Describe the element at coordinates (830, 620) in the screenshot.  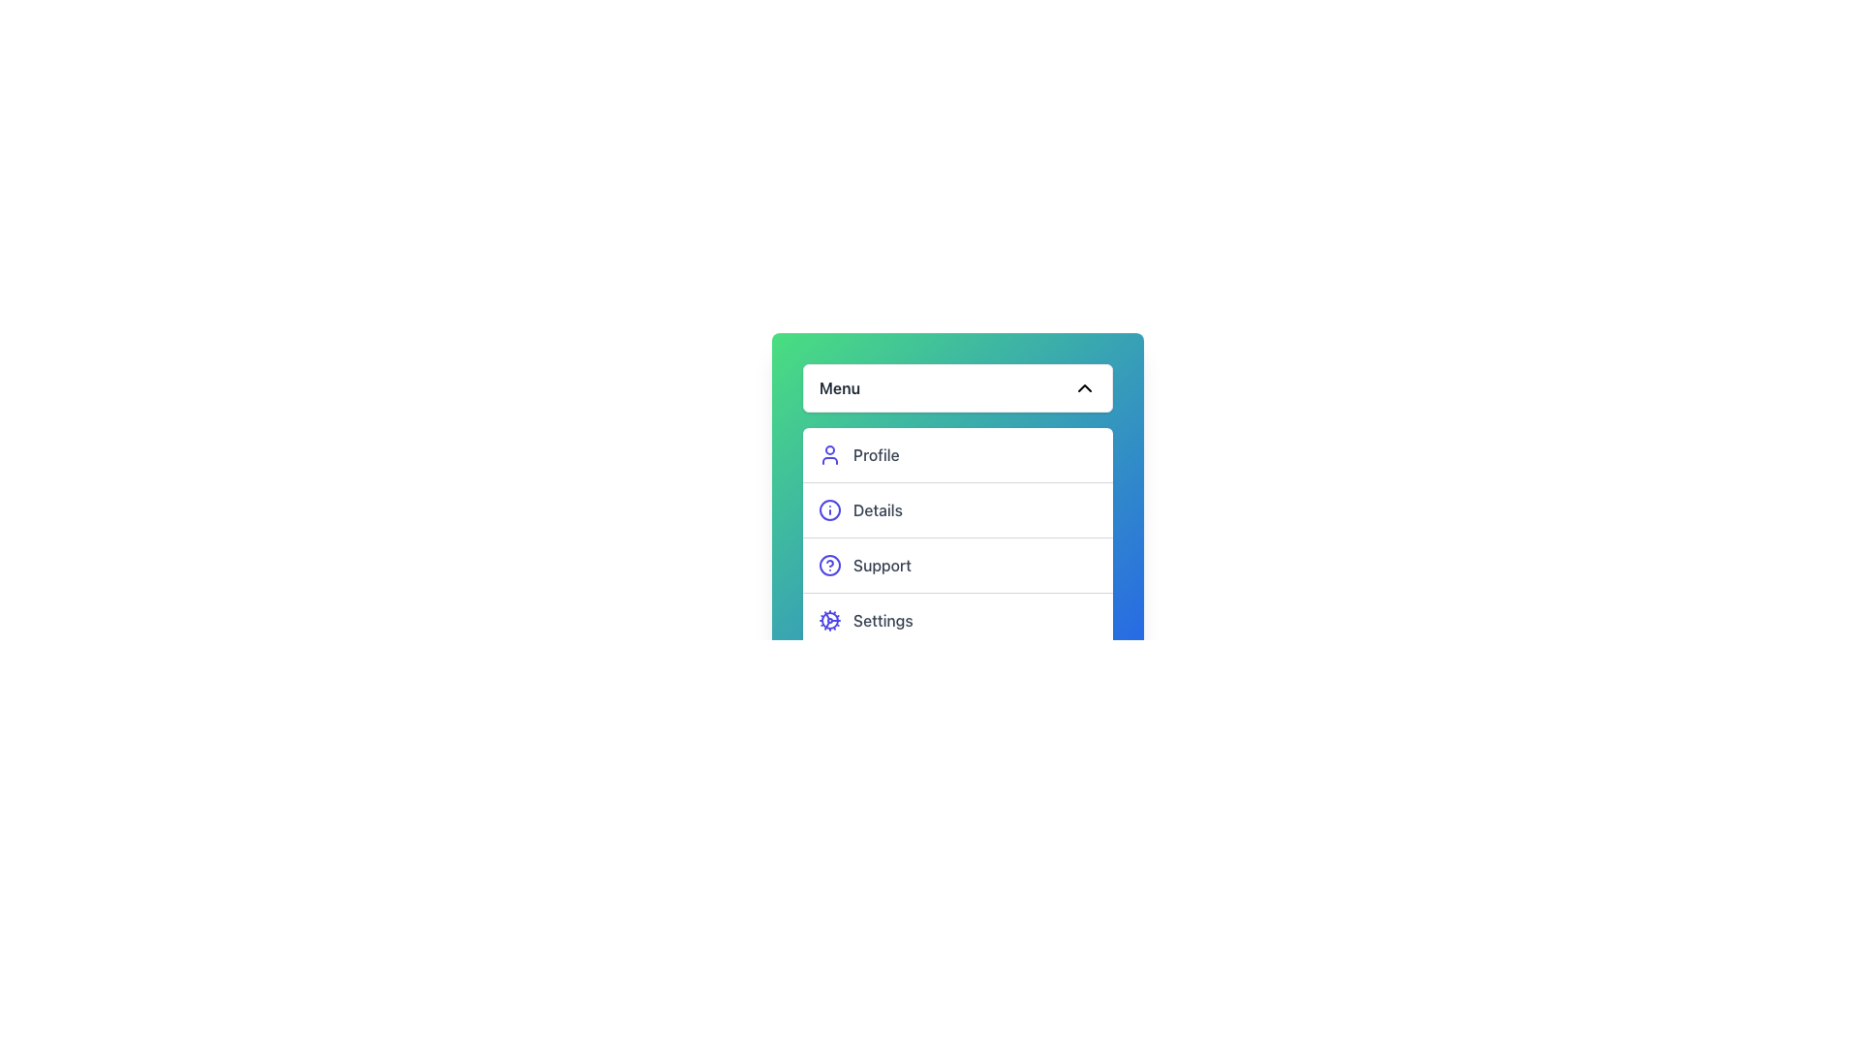
I see `the circular gear icon representing 'Settings' in the dropdown menu interface, located at the bottom of the menu options` at that location.